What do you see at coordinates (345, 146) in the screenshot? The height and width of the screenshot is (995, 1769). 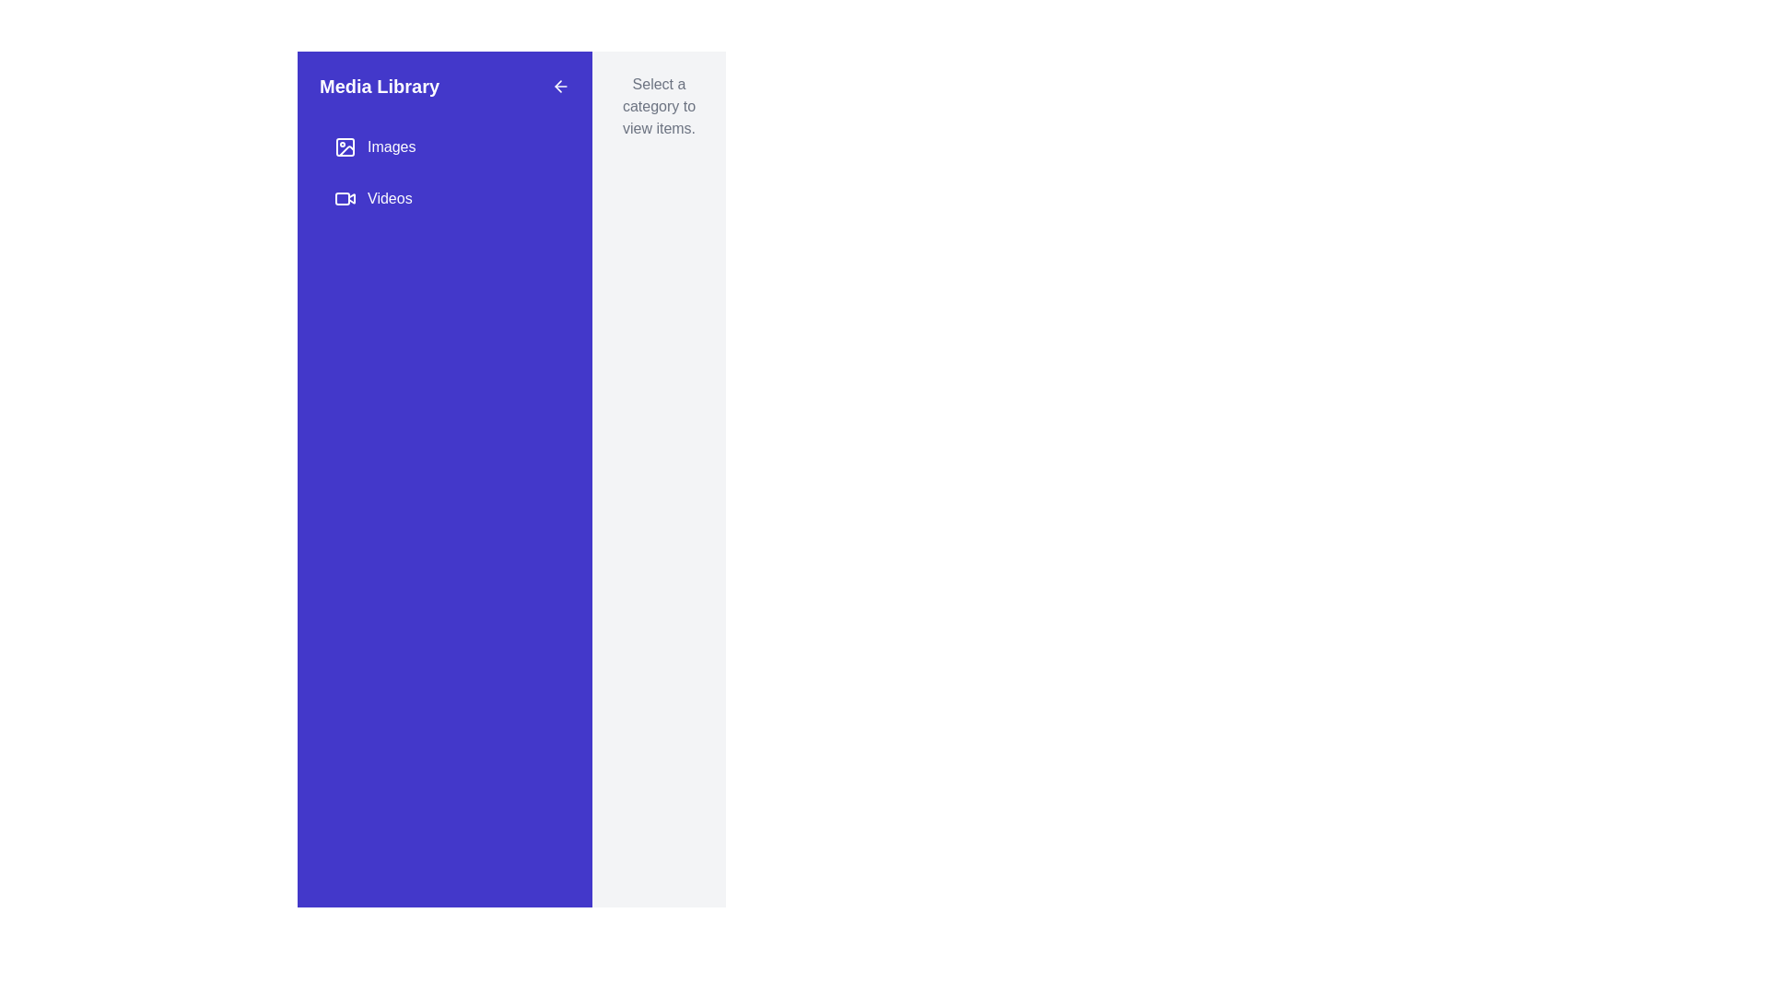 I see `the graphical icon representing the 'Images' category in the navigation menu of the 'Media Library' panel, located to the left of the 'Images' text` at bounding box center [345, 146].